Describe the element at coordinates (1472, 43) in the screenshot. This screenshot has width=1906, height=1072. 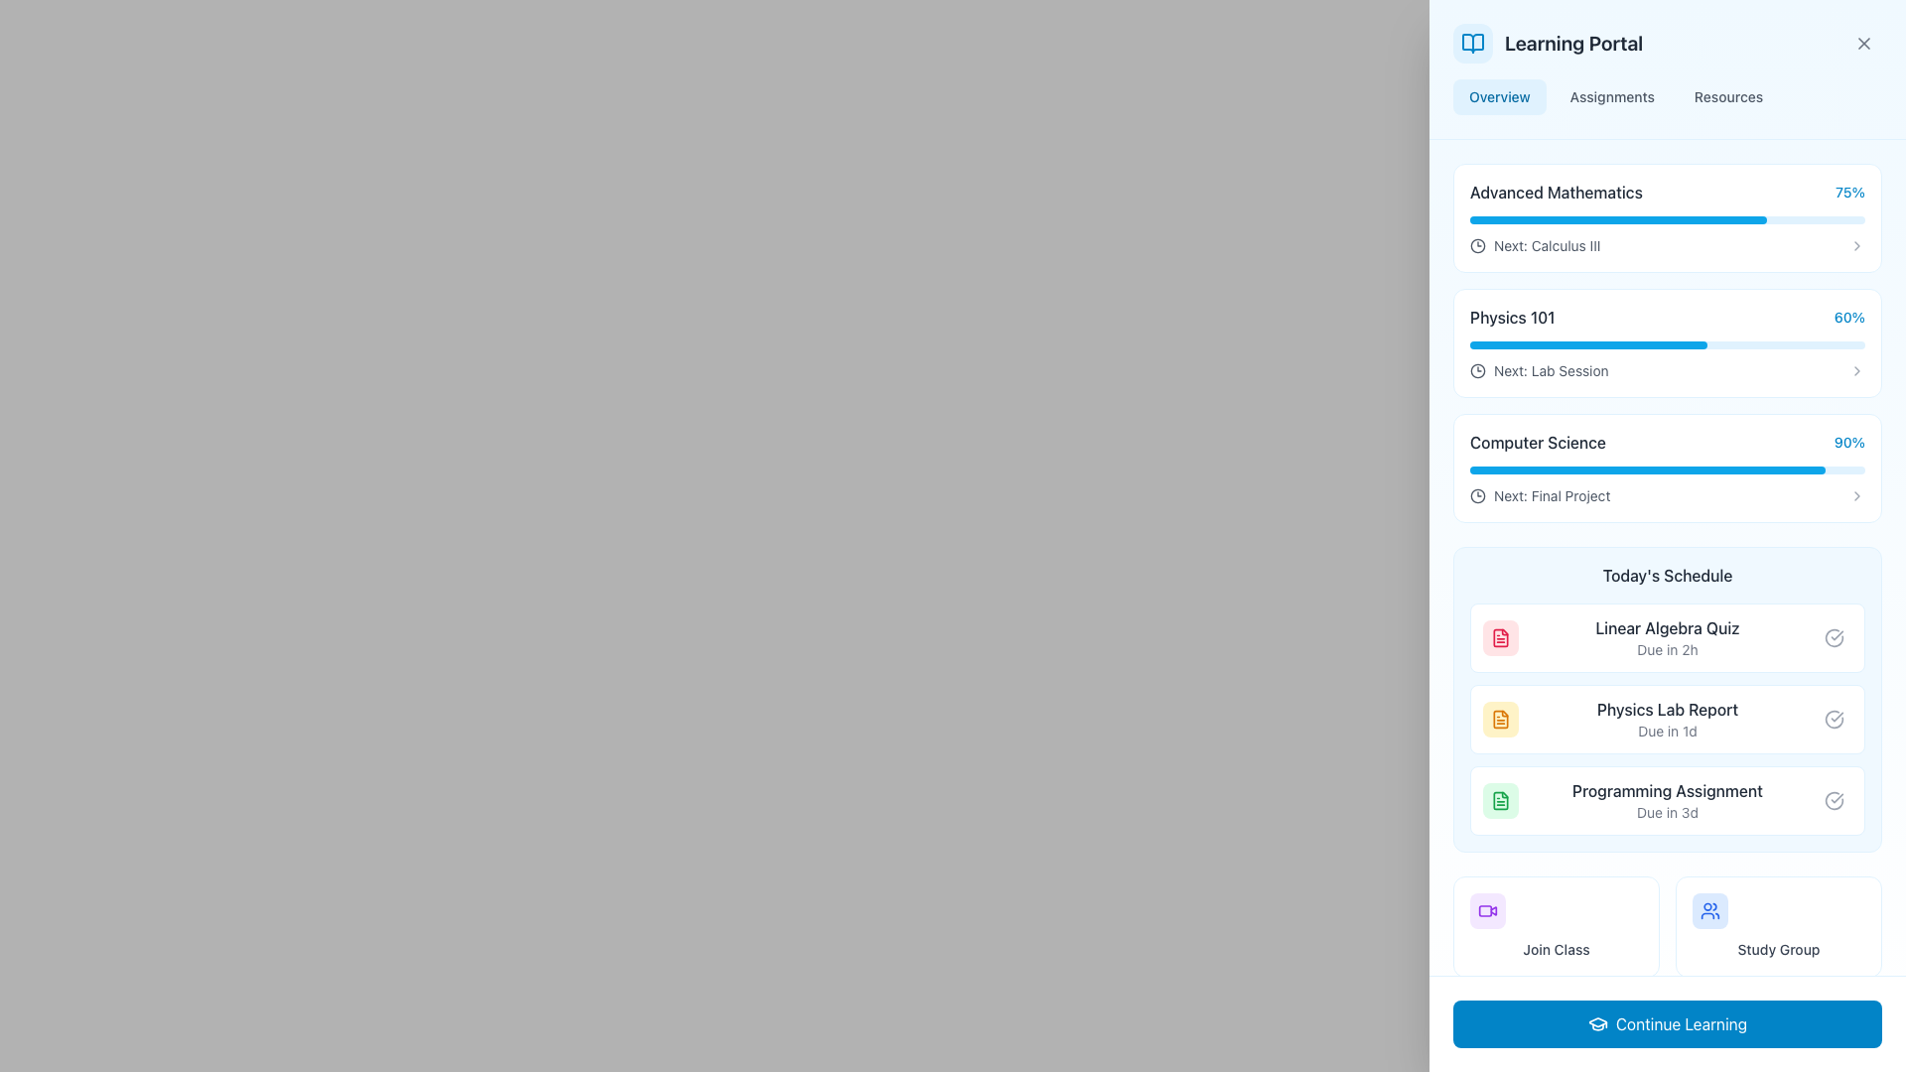
I see `the rounded rectangular button with a light blue background and an open book icon, located at the top-left corner of the sidebar next to 'Learning Portal'` at that location.